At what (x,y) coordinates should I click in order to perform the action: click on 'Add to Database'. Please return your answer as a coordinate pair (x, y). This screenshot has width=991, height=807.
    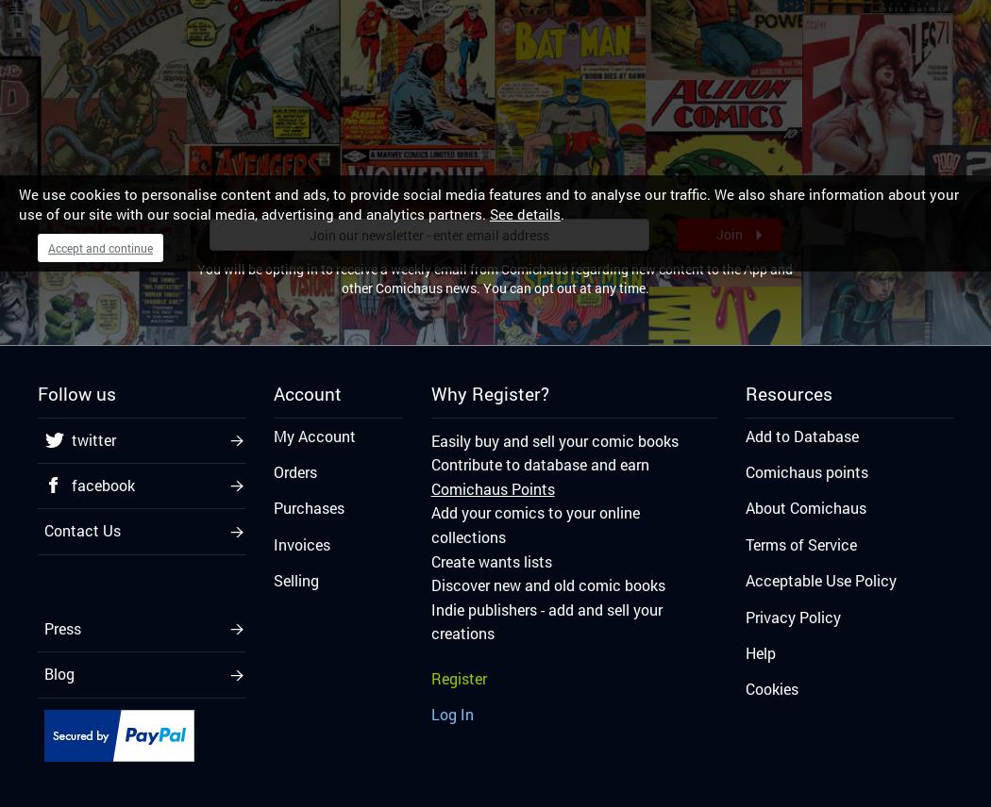
    Looking at the image, I should click on (801, 435).